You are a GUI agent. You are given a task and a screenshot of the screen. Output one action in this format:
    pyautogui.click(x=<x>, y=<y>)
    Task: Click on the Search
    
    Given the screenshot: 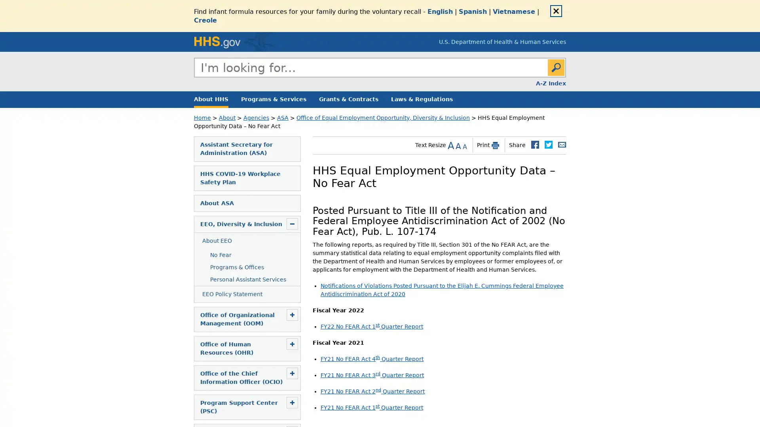 What is the action you would take?
    pyautogui.click(x=556, y=67)
    